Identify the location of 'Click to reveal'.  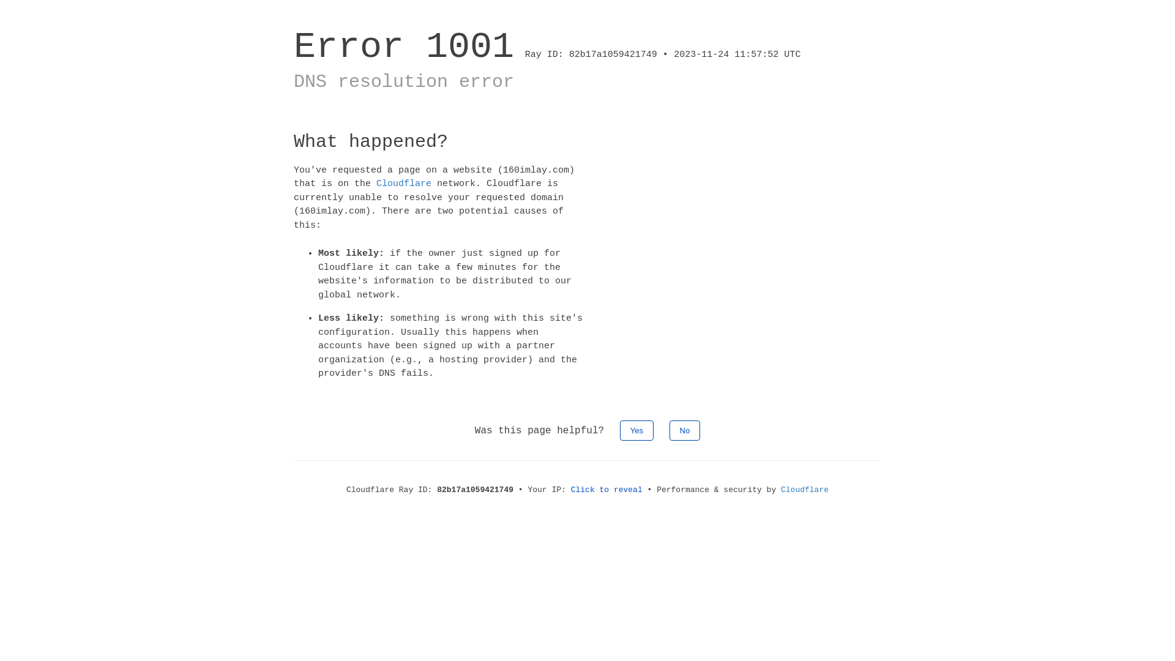
(606, 488).